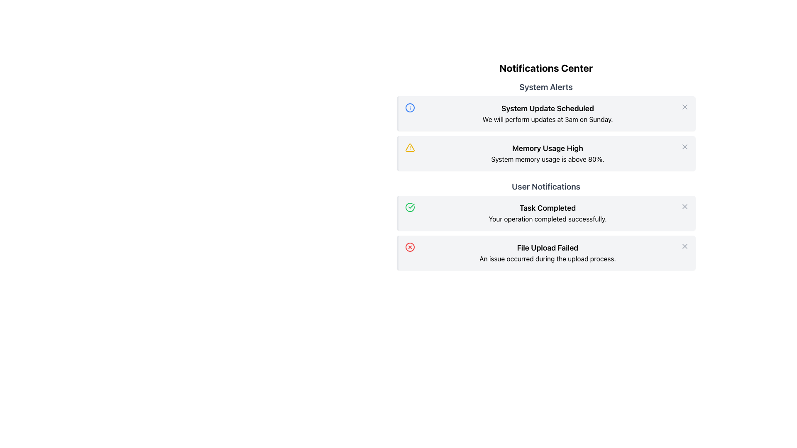 The height and width of the screenshot is (448, 797). I want to click on the static text that conveys an informational message about a scheduled system update, located within the 'System Update Scheduled' notification in the 'Notifications Center', so click(548, 119).